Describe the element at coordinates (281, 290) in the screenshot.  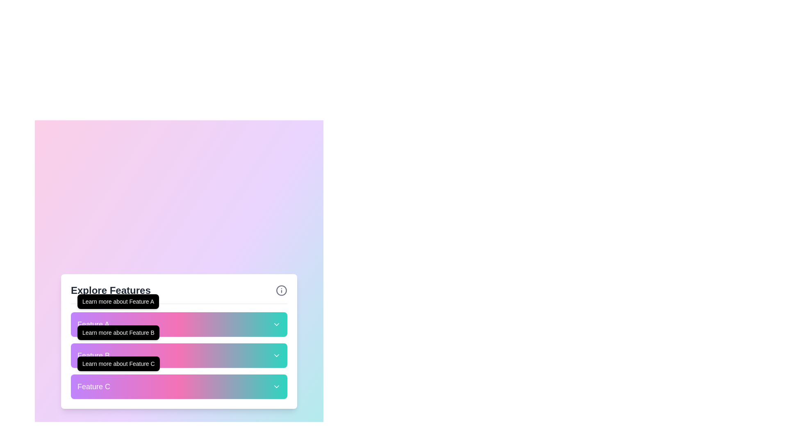
I see `the border circle of the information icon located at the top-right corner of the card-like structure` at that location.